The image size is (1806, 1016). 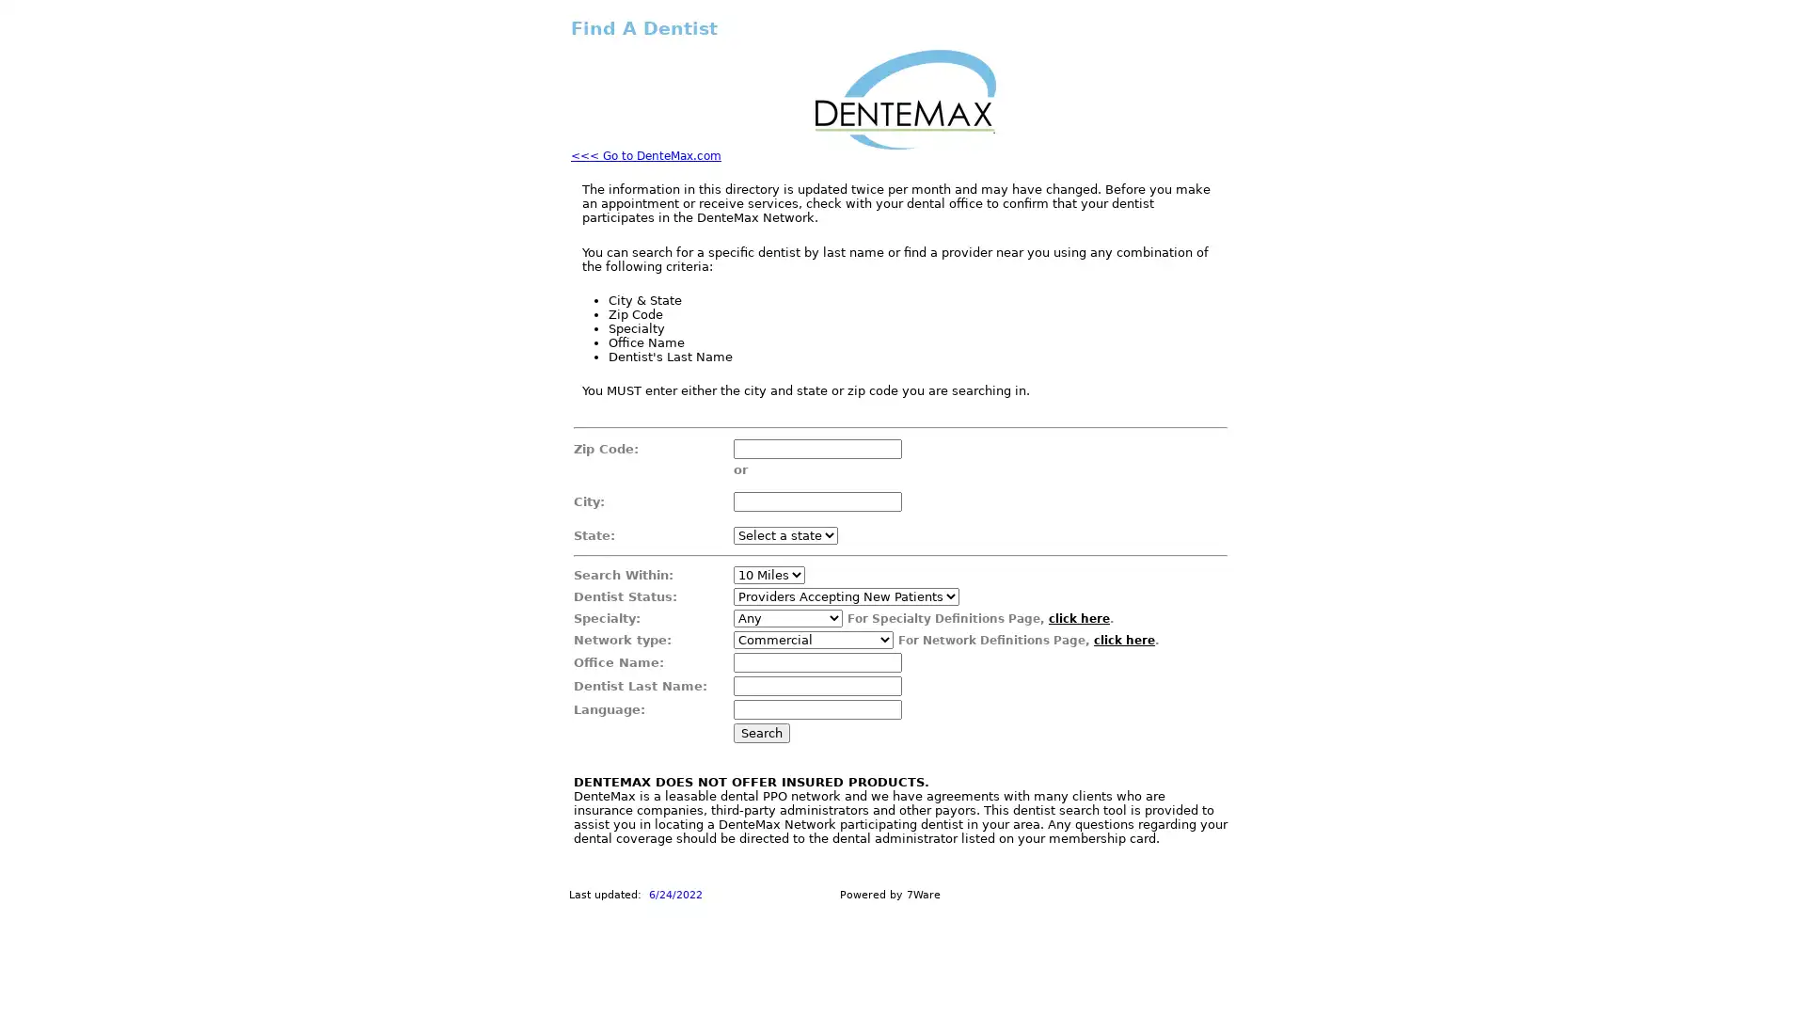 What do you see at coordinates (761, 732) in the screenshot?
I see `Search` at bounding box center [761, 732].